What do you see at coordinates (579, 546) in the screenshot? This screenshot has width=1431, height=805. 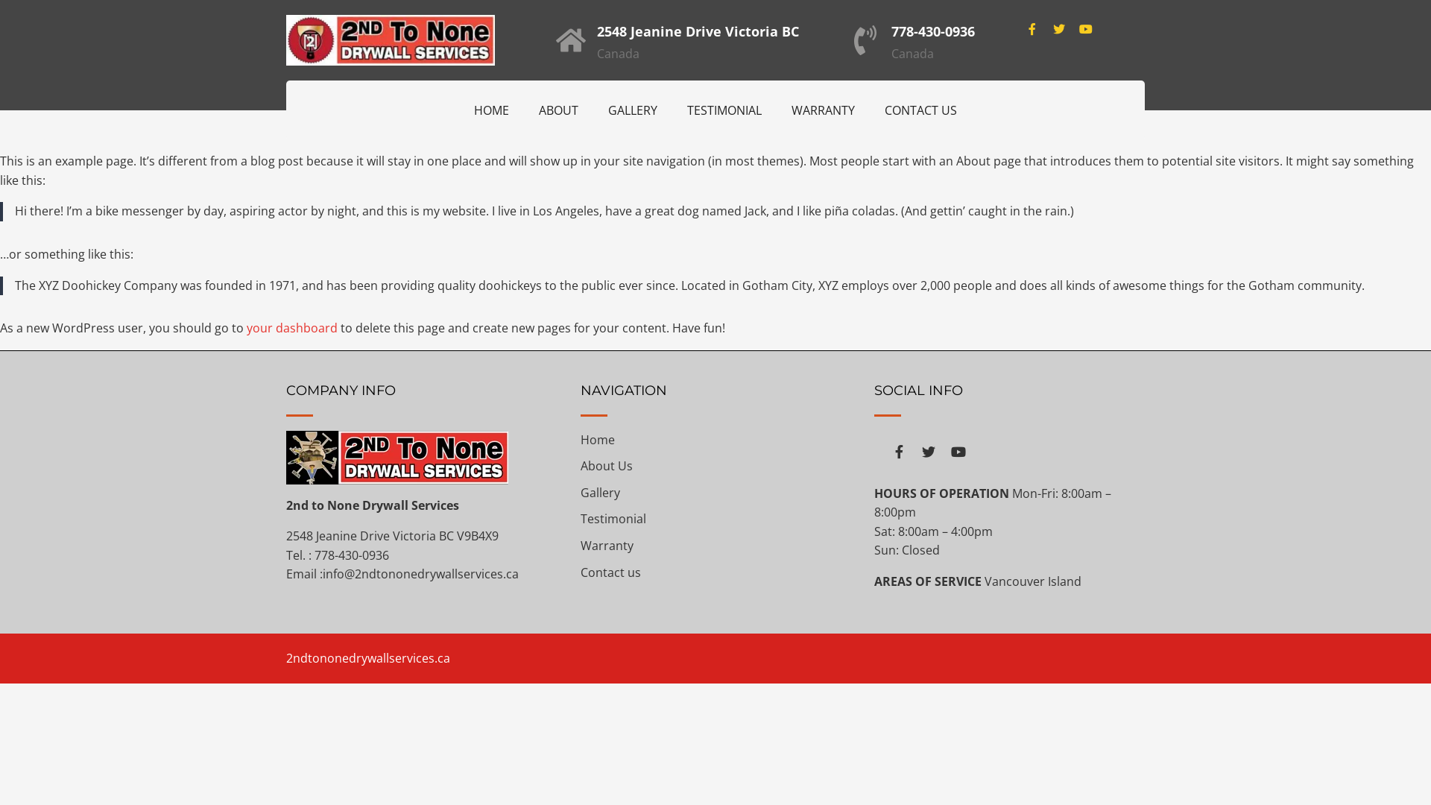 I see `'Warranty'` at bounding box center [579, 546].